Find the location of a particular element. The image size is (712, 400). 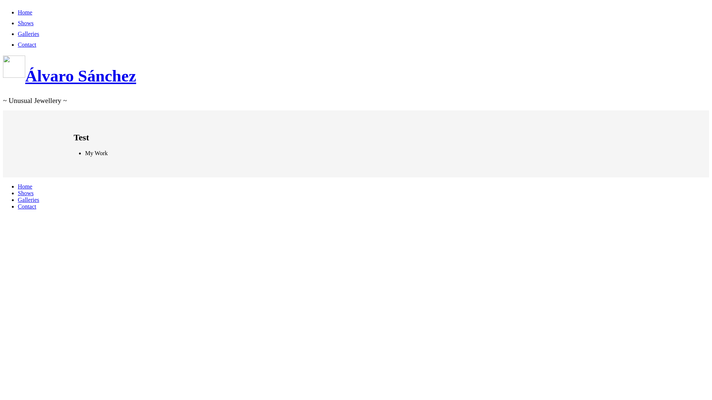

'Home' is located at coordinates (25, 186).